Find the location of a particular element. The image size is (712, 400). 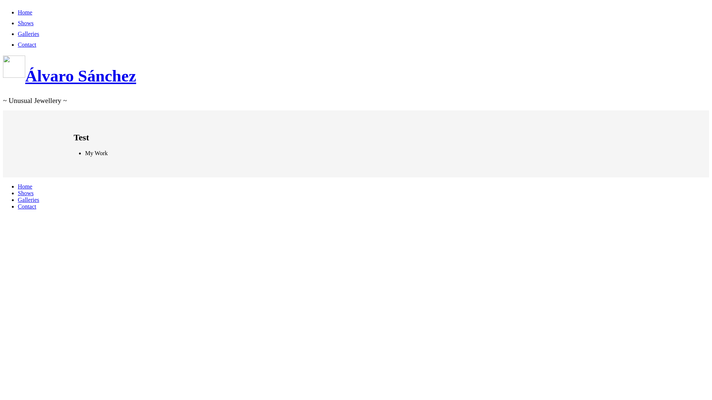

'Home' is located at coordinates (25, 186).